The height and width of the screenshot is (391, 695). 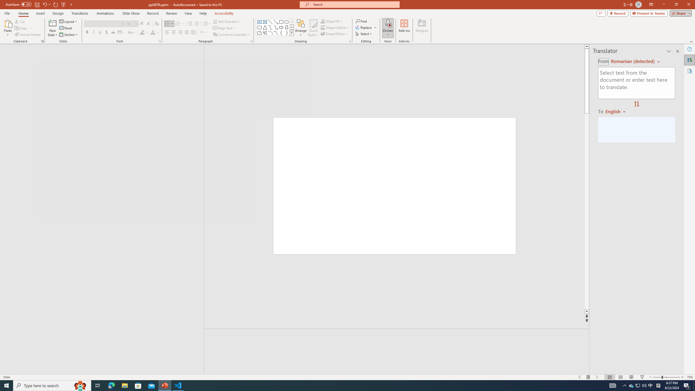 What do you see at coordinates (597, 377) in the screenshot?
I see `'Slide Show Next On'` at bounding box center [597, 377].